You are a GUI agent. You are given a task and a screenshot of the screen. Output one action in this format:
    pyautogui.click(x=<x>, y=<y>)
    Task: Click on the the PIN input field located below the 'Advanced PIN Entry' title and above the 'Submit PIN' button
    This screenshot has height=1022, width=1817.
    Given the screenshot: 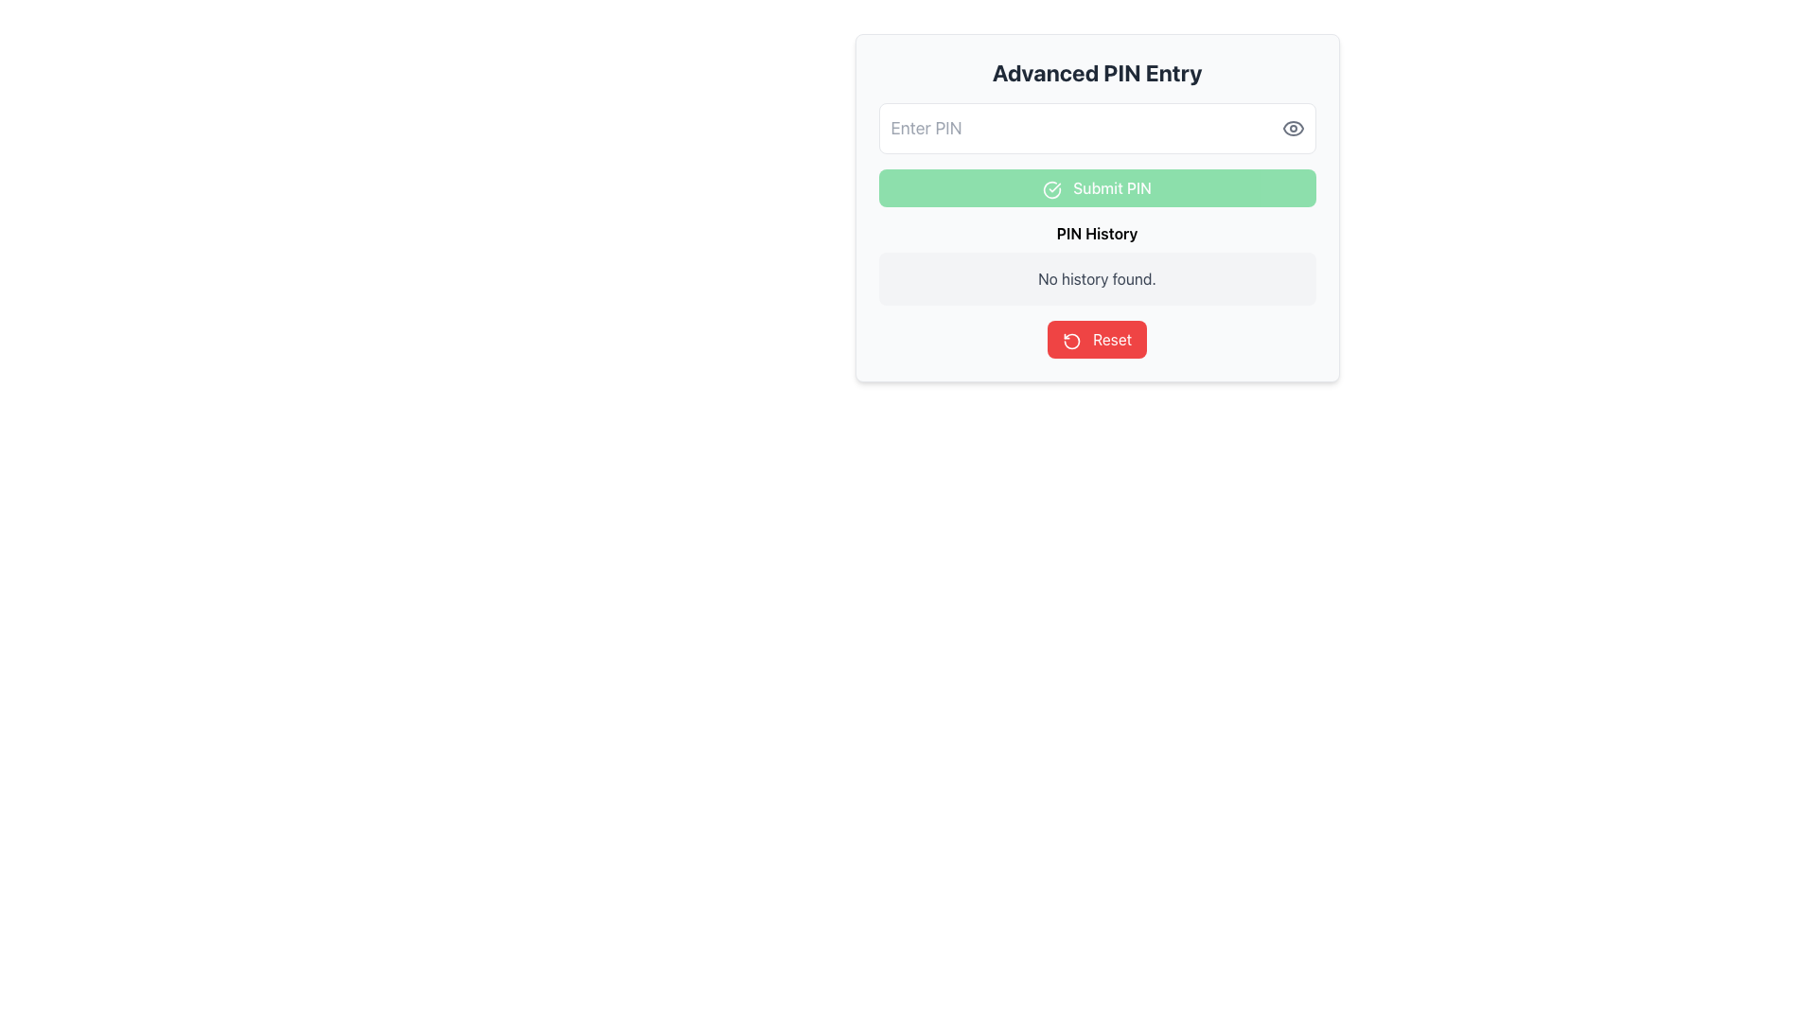 What is the action you would take?
    pyautogui.click(x=1097, y=128)
    